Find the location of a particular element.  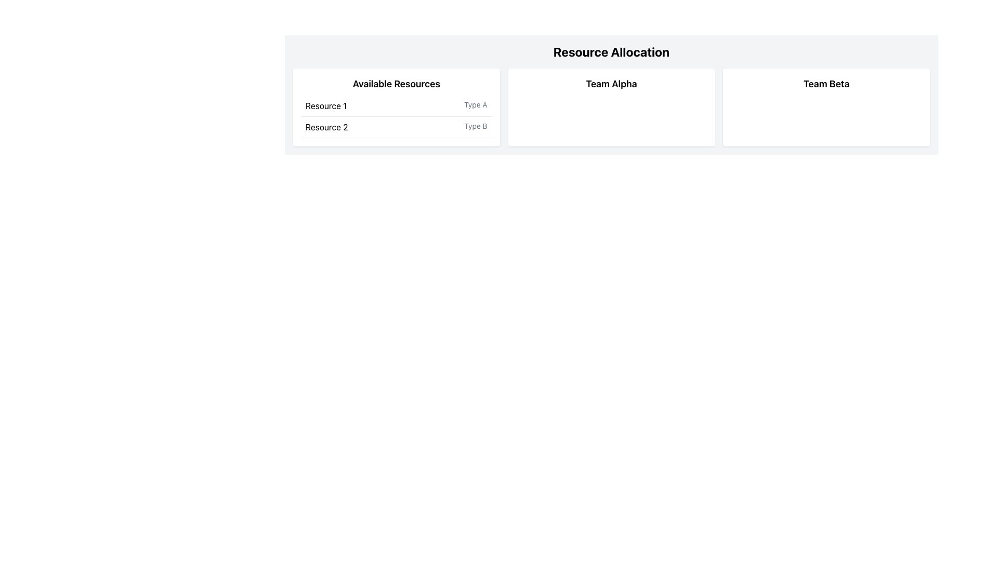

the text label 'Resource 2' which is bold and larger than surrounding elements, styled in black on a white background, located under 'Available Resources' and aligned with 'Type B' is located at coordinates (326, 127).